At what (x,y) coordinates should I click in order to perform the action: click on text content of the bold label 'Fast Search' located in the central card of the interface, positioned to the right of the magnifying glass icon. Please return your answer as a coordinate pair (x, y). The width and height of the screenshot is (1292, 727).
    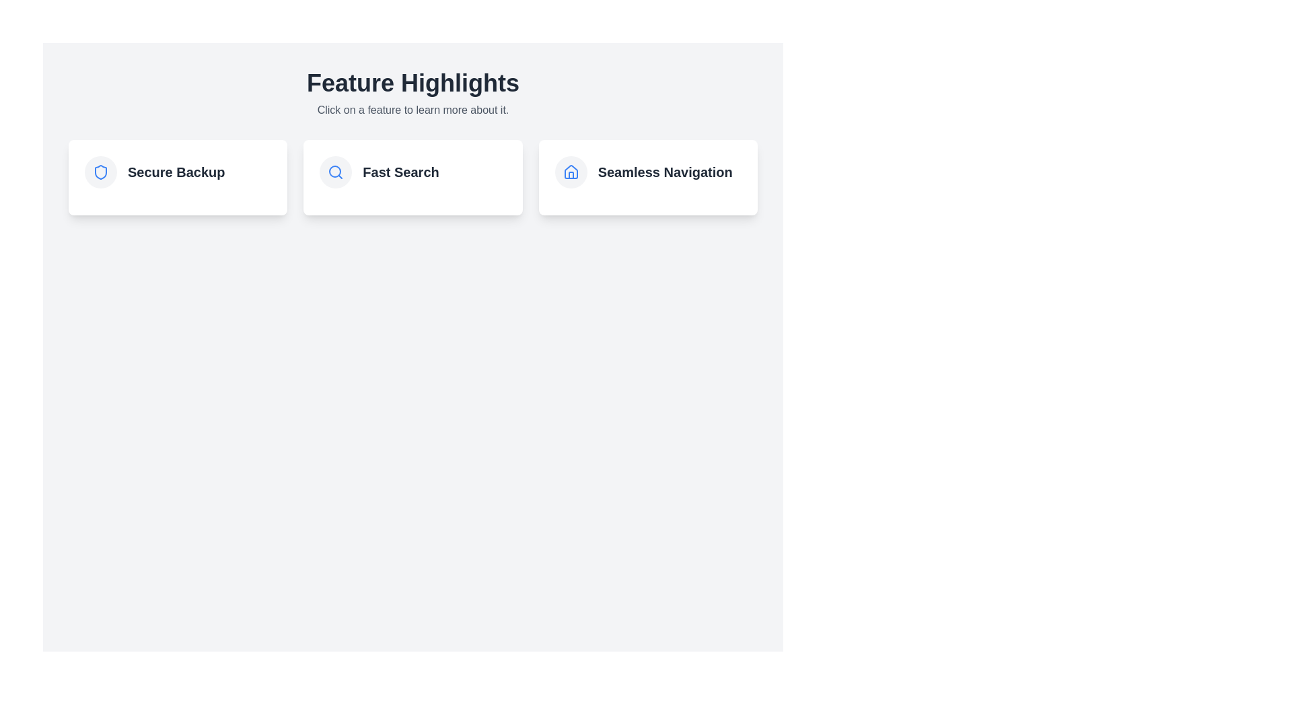
    Looking at the image, I should click on (400, 171).